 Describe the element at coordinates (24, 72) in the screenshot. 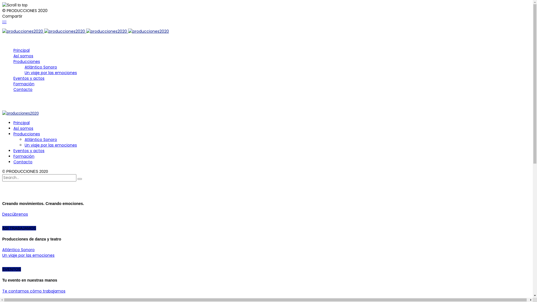

I see `'Un viaje por las emociones'` at that location.